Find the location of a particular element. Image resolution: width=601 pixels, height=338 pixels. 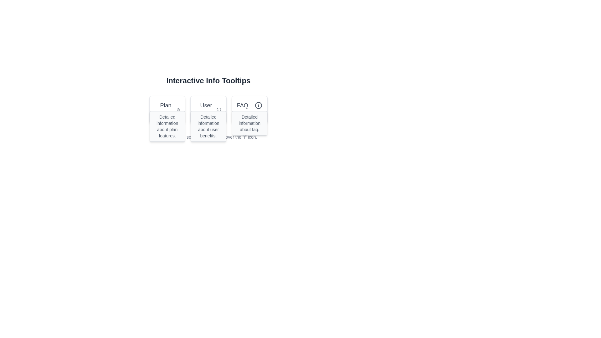

the 'FAQ' Information Card, which is a rectangular card with rounded corners, a white background, and a gray border, located in the rightmost column of a three-column grid layout is located at coordinates (249, 110).